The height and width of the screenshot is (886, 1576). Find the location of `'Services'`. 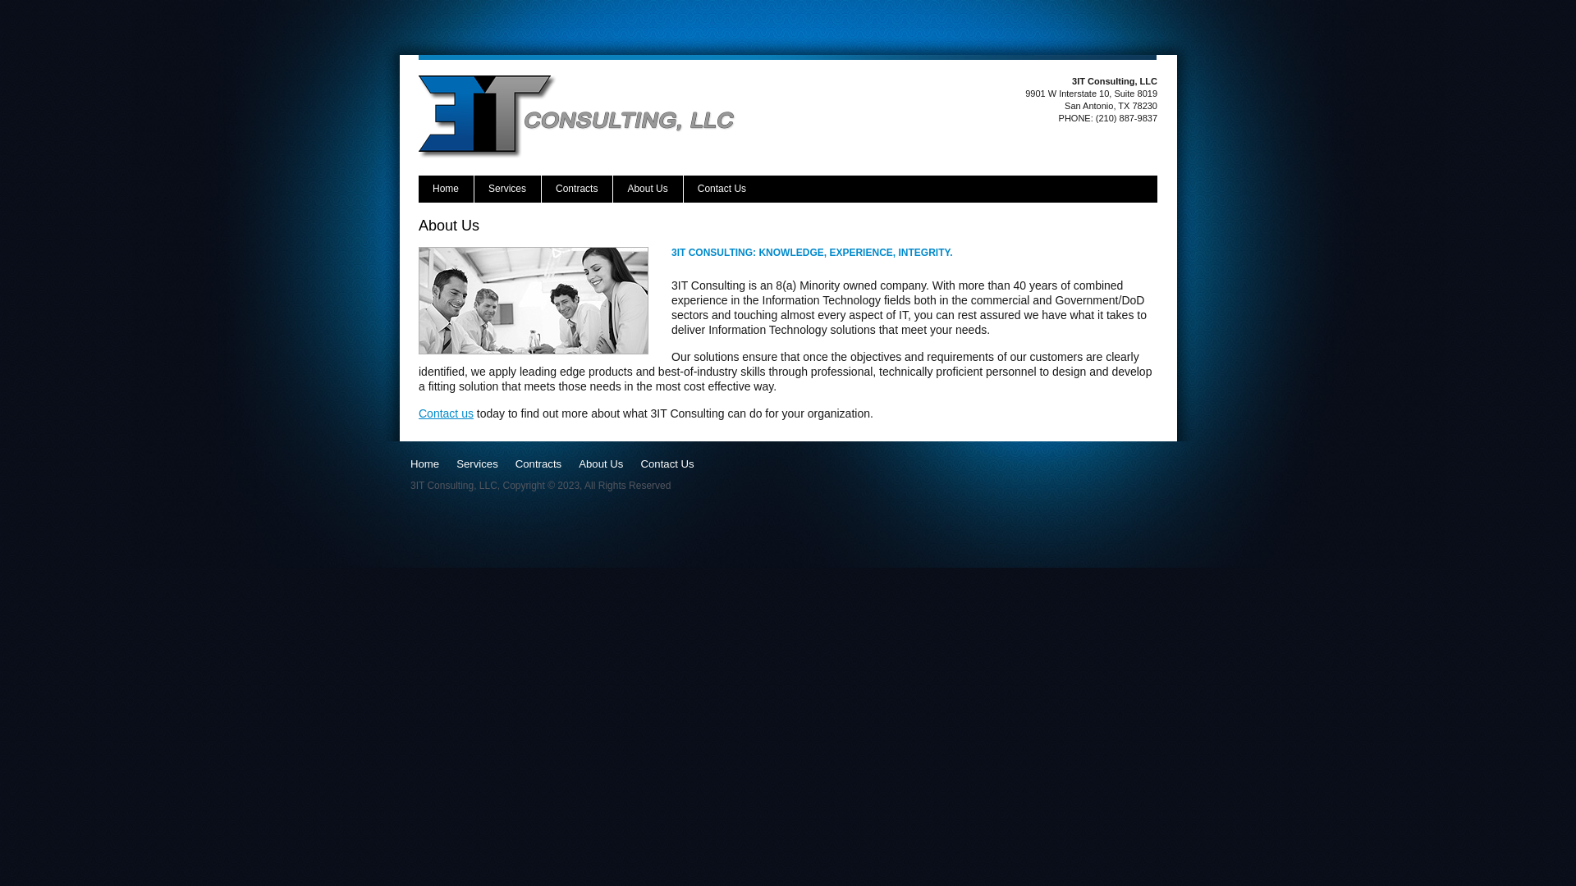

'Services' is located at coordinates (476, 464).